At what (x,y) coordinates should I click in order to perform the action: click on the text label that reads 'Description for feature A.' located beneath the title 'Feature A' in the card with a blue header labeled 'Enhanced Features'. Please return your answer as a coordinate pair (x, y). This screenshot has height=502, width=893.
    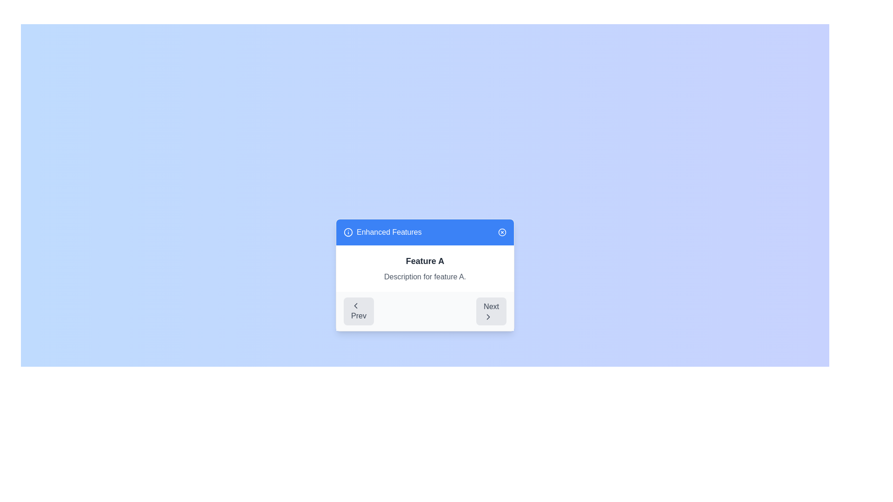
    Looking at the image, I should click on (424, 277).